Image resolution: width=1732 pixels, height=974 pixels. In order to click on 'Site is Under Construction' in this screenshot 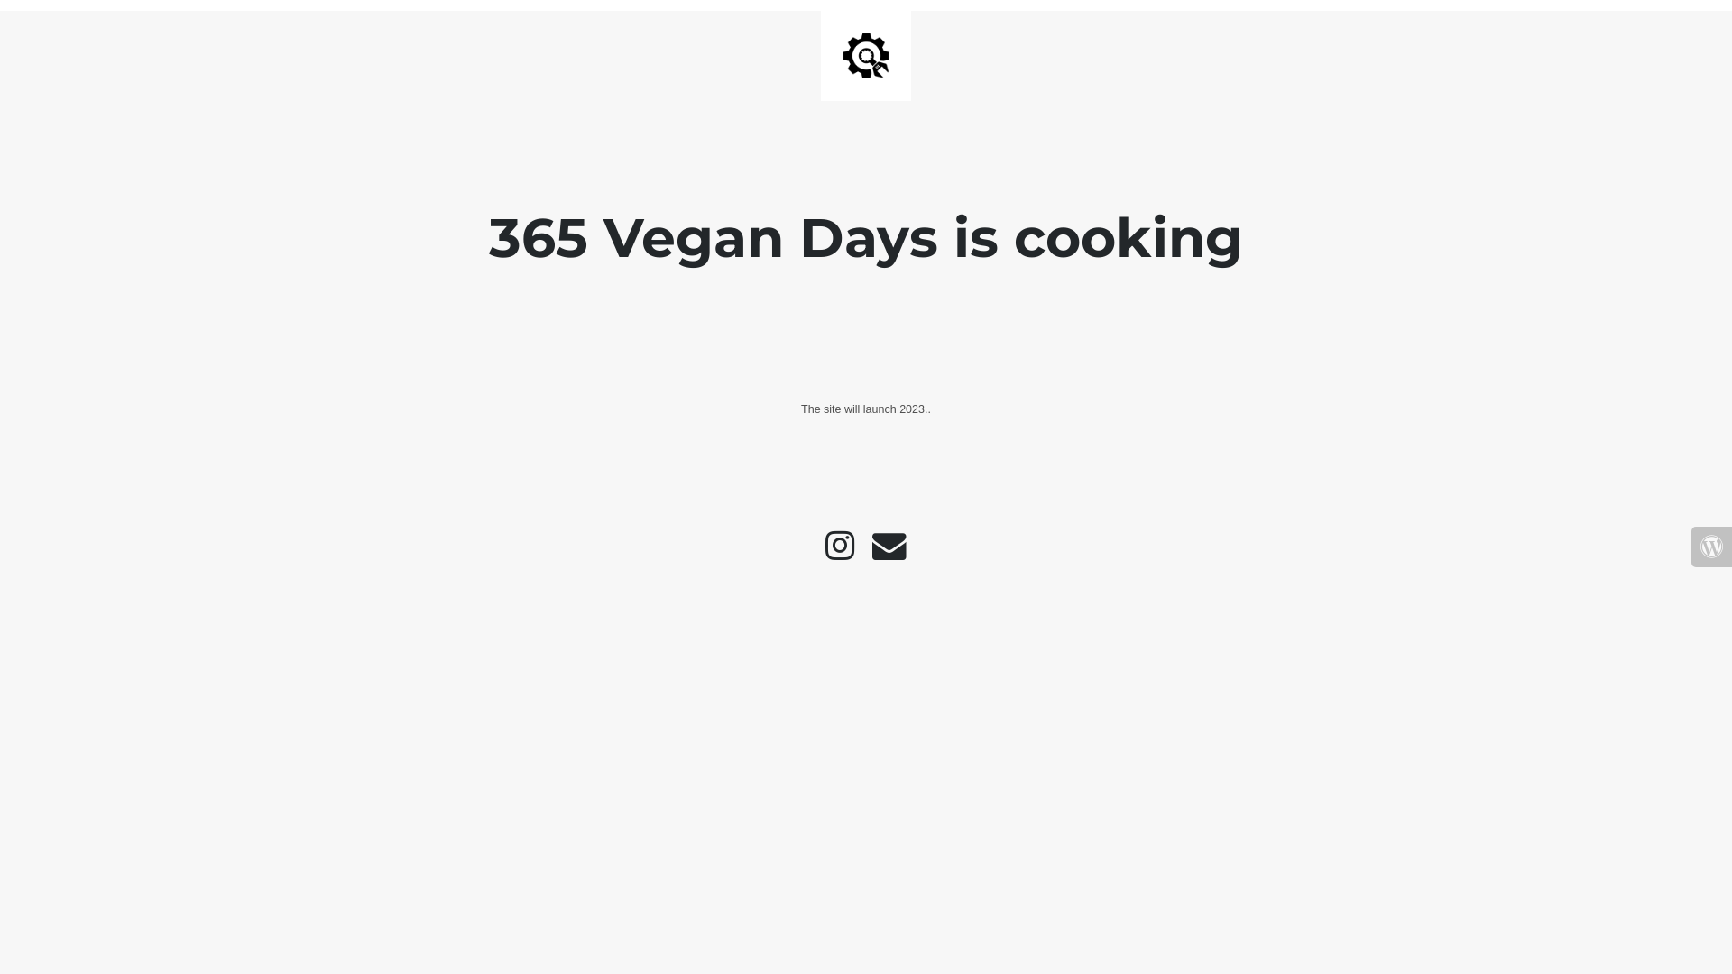, I will do `click(843, 54)`.